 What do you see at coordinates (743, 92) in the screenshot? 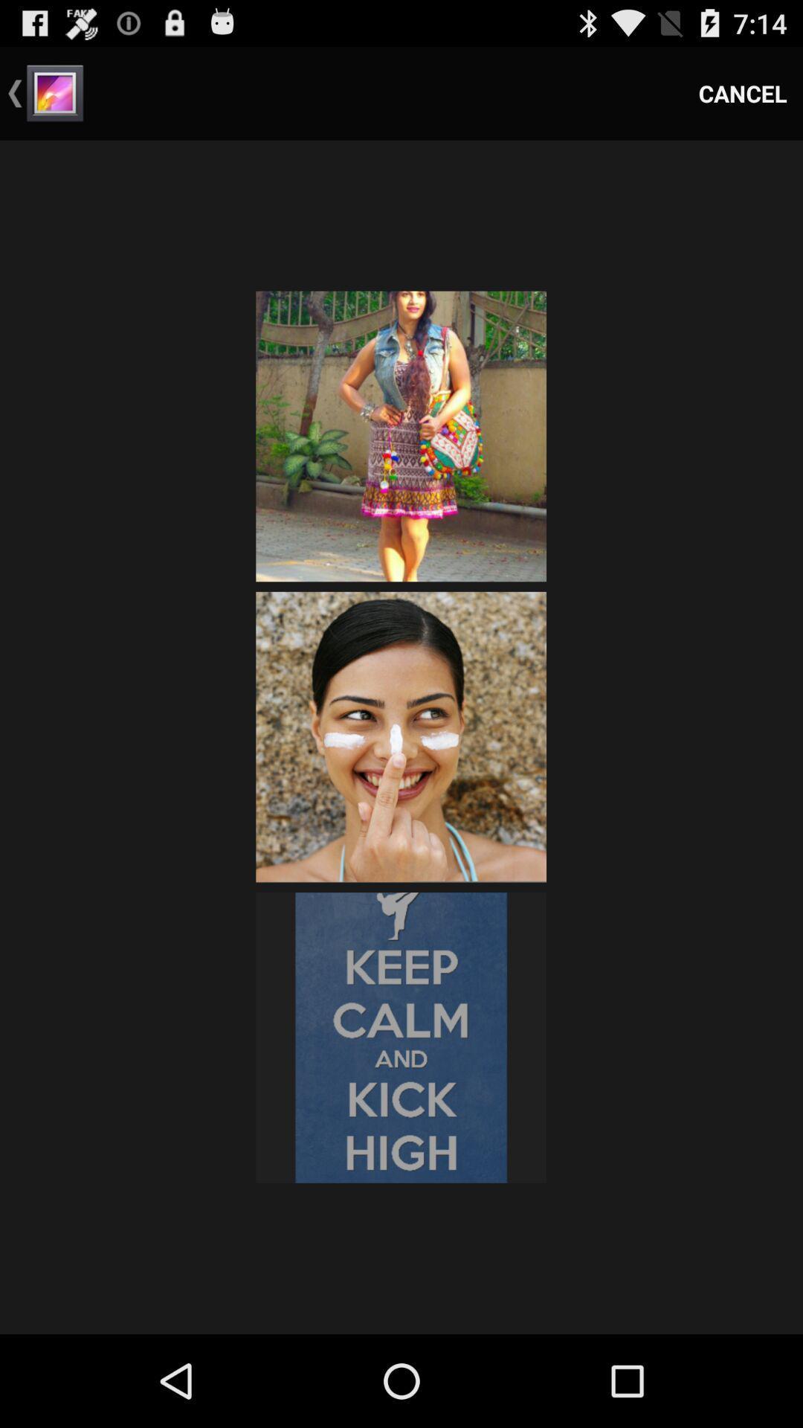
I see `the cancel item` at bounding box center [743, 92].